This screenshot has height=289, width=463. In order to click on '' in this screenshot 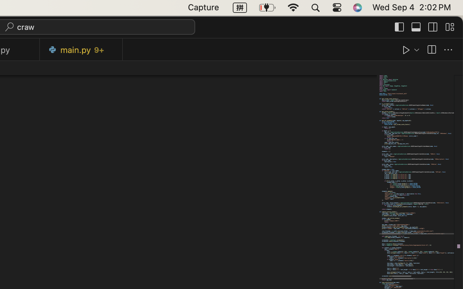, I will do `click(449, 26)`.